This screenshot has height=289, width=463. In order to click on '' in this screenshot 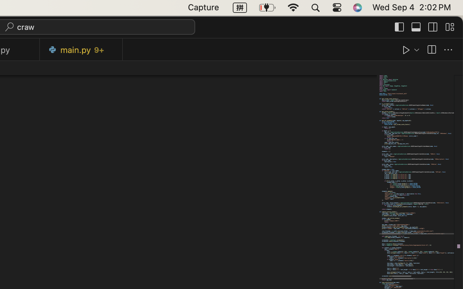, I will do `click(449, 26)`.